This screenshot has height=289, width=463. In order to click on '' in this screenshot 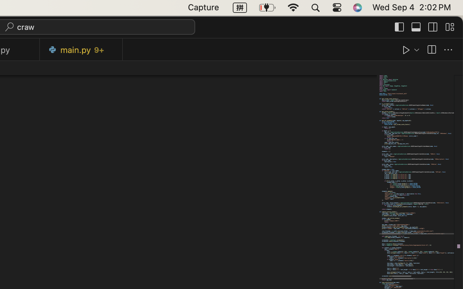, I will do `click(449, 26)`.